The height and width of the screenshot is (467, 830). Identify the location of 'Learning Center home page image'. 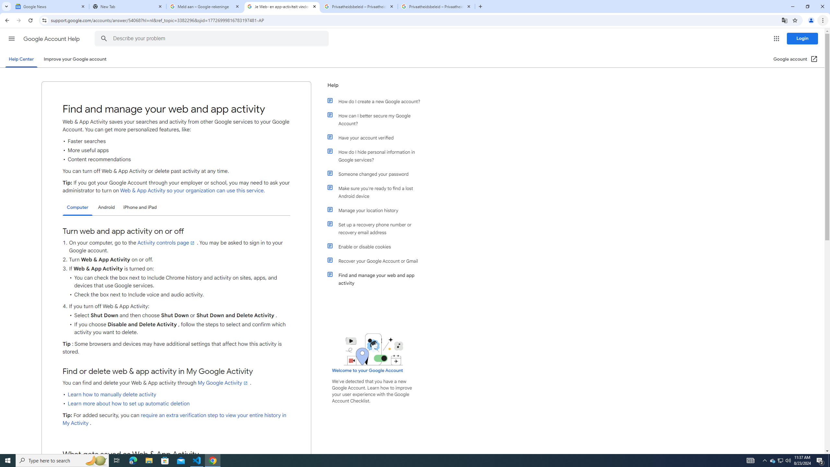
(373, 349).